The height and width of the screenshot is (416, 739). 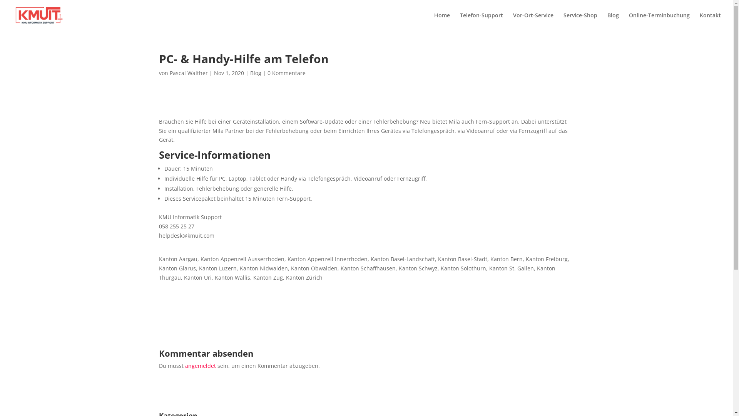 What do you see at coordinates (481, 21) in the screenshot?
I see `'Telefon-Support'` at bounding box center [481, 21].